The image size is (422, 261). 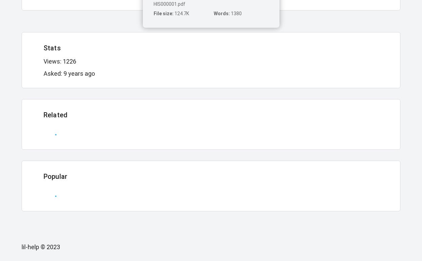 What do you see at coordinates (63, 73) in the screenshot?
I see `'9 years ago'` at bounding box center [63, 73].